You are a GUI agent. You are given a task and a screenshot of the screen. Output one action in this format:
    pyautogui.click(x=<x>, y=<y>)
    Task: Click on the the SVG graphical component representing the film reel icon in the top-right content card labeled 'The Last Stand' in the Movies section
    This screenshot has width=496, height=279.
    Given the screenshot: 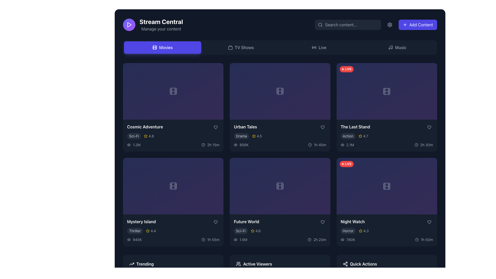 What is the action you would take?
    pyautogui.click(x=387, y=91)
    